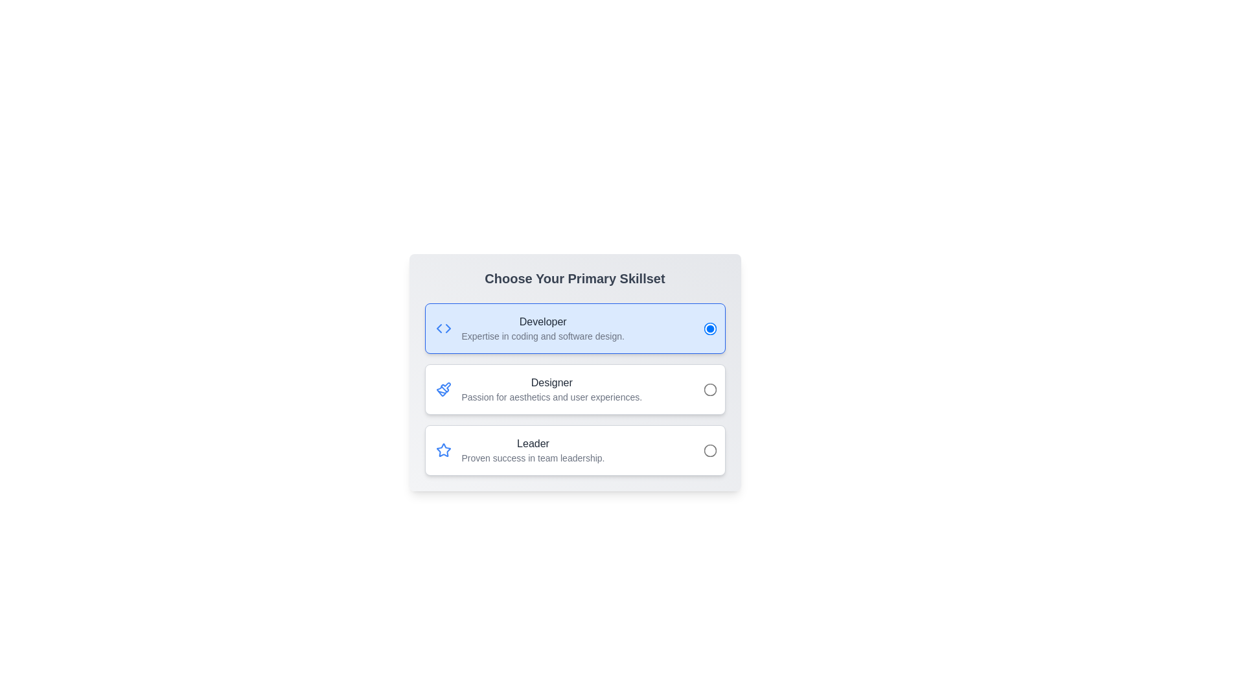 Image resolution: width=1244 pixels, height=700 pixels. I want to click on the blue outlined star icon located within the 'Leader' option card, positioned to the left of the text caption, so click(443, 449).